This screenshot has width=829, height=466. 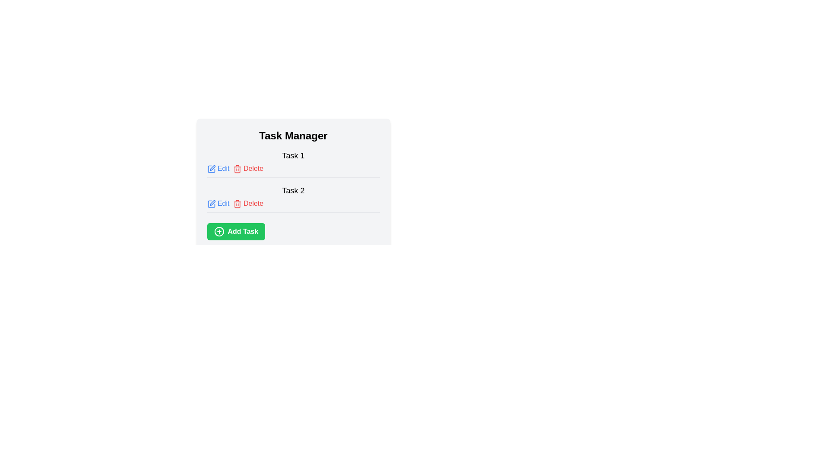 I want to click on the central circle of the 'Add Task' button, which is part of an SVG icon that visually implies adding functionality, so click(x=219, y=231).